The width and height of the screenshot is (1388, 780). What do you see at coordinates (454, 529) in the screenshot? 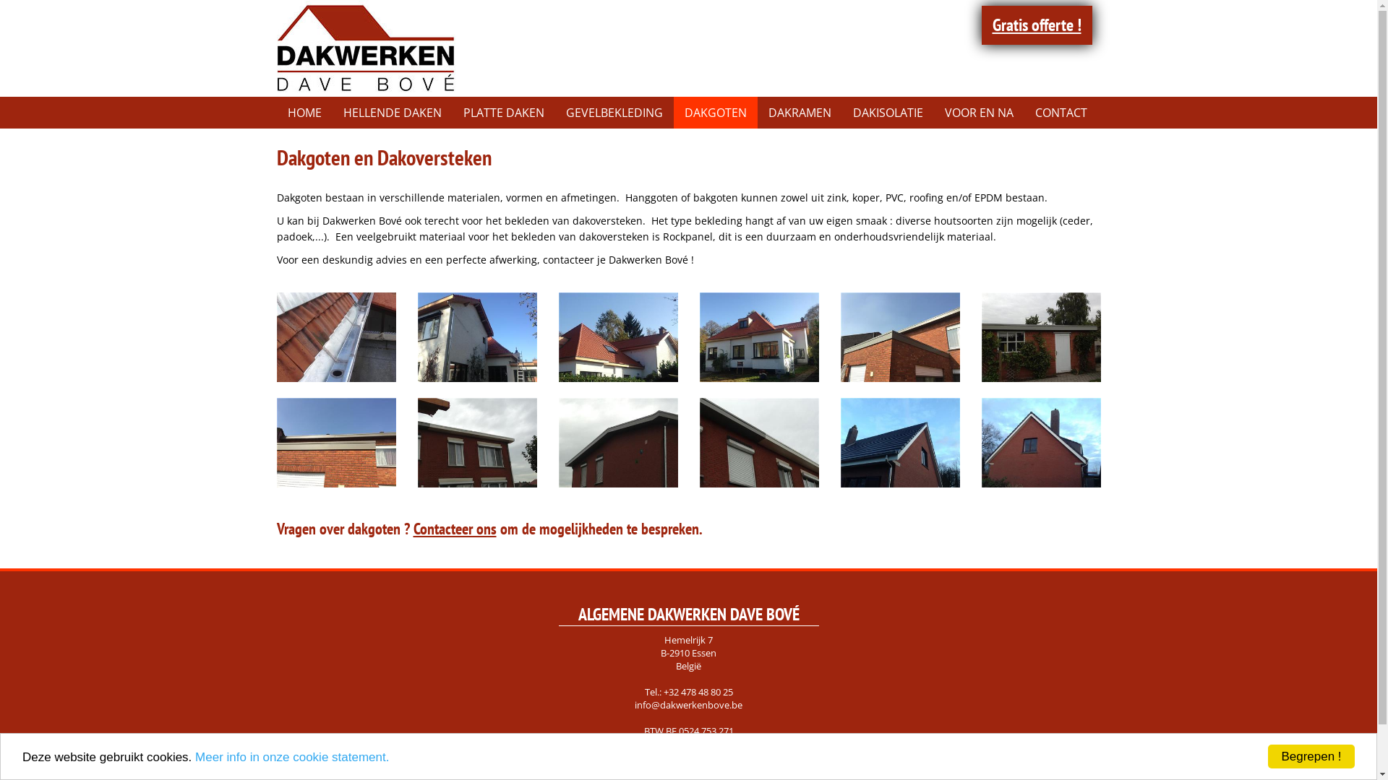
I see `'Contacteer ons'` at bounding box center [454, 529].